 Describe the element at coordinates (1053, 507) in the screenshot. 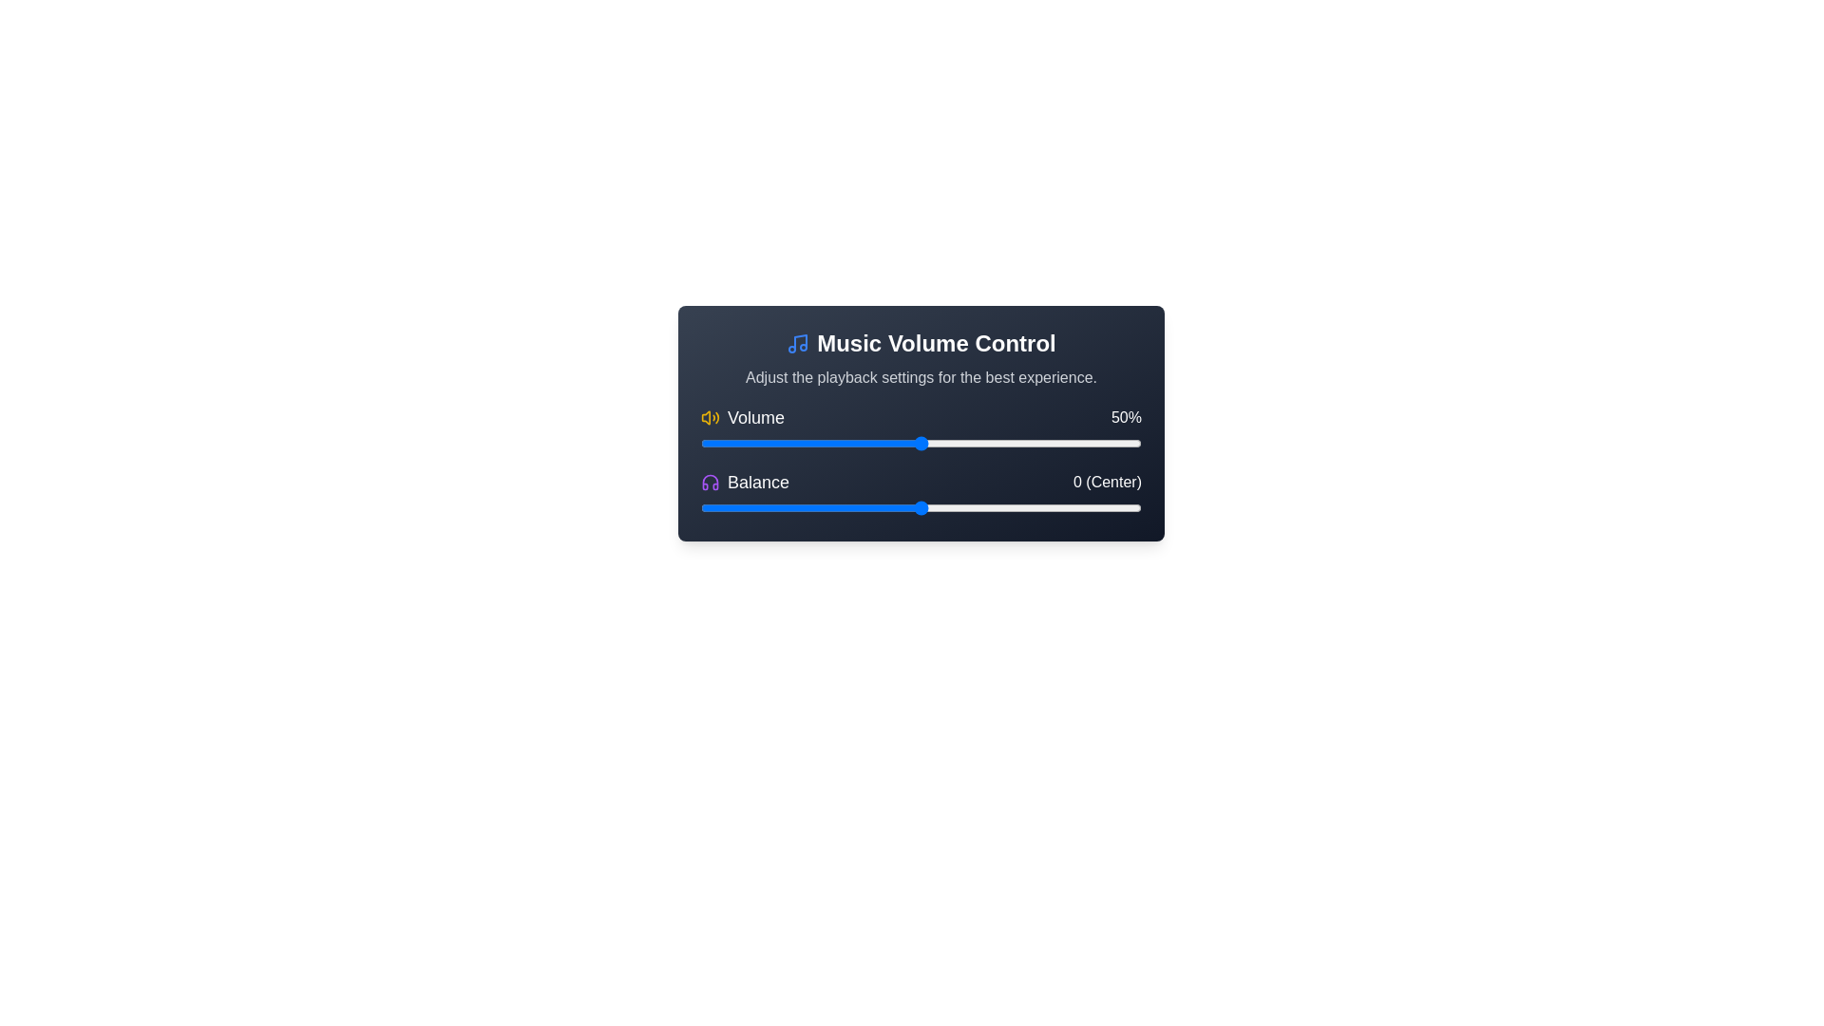

I see `the balance slider to 30 value` at that location.